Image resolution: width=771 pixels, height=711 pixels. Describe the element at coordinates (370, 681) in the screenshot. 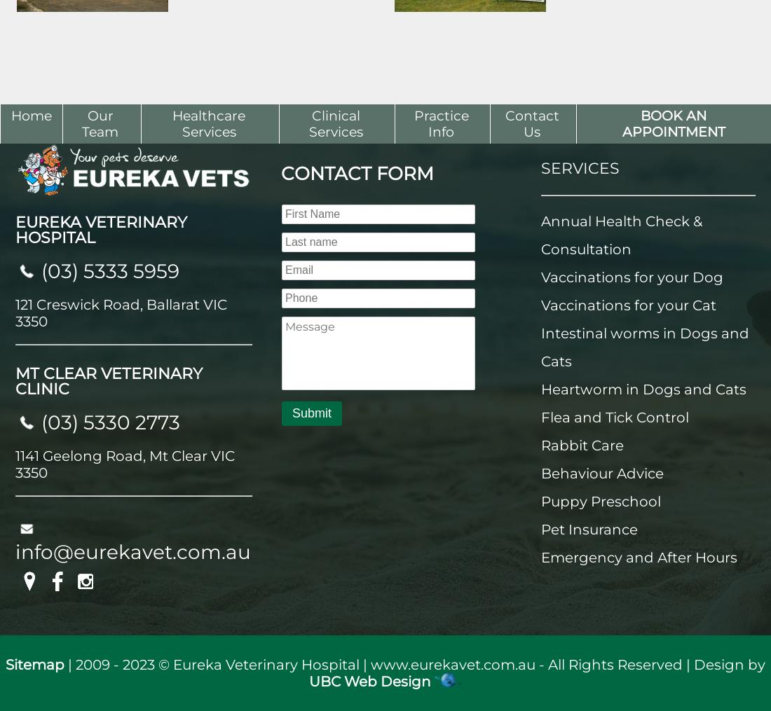

I see `'UBC Web Design'` at that location.